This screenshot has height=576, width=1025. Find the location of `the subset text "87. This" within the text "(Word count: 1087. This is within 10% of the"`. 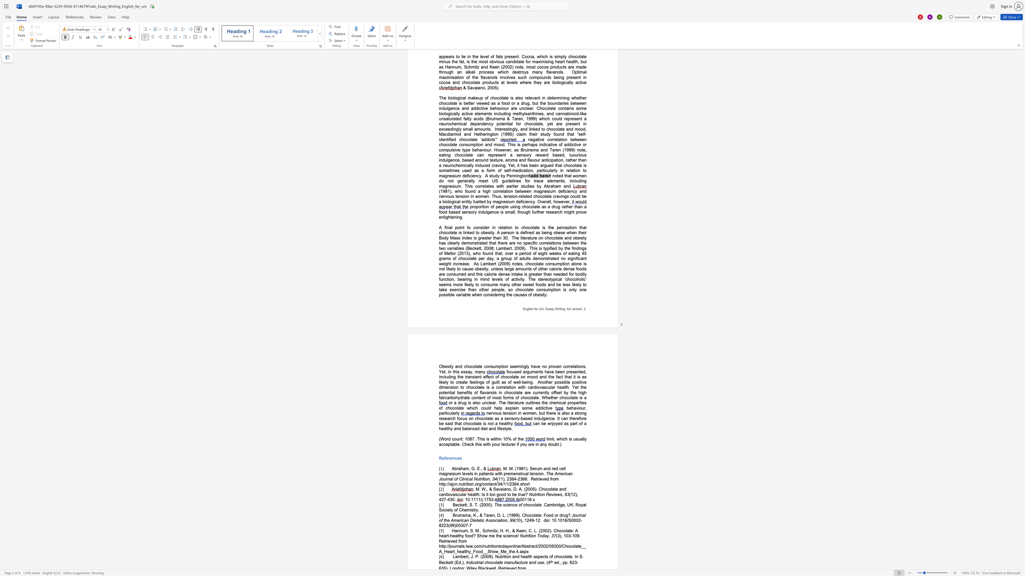

the subset text "87. This" within the text "(Word count: 1087. This is within 10% of the" is located at coordinates (469, 438).